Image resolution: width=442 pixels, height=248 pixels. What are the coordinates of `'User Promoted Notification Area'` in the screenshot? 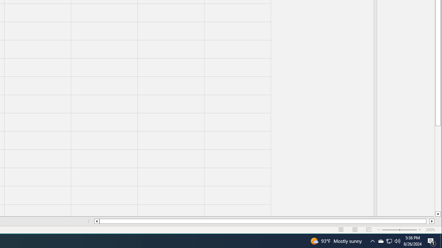 It's located at (389, 240).